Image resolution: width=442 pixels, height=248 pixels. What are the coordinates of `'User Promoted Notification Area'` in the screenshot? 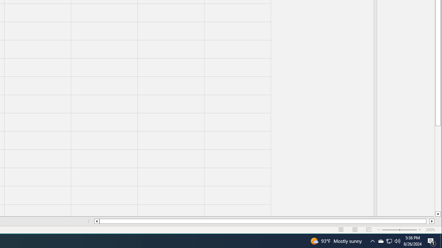 It's located at (389, 240).